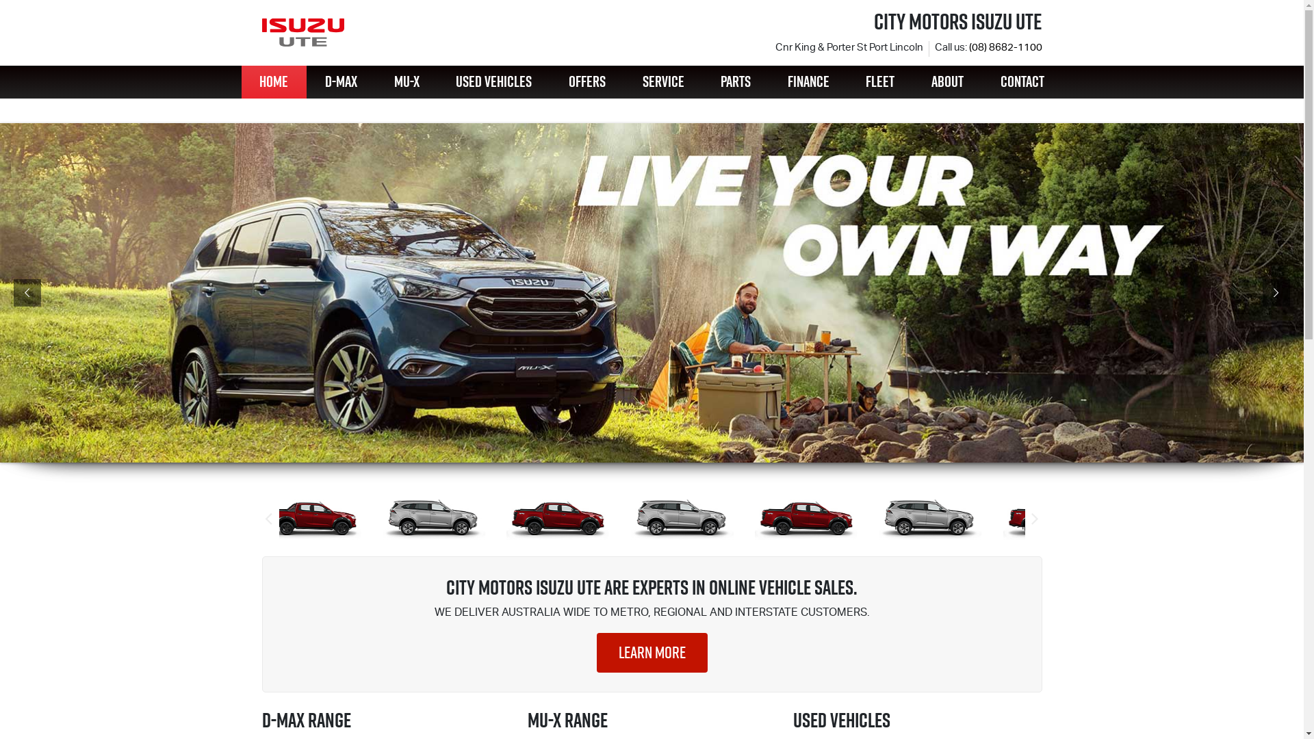 The height and width of the screenshot is (739, 1314). What do you see at coordinates (880, 81) in the screenshot?
I see `'FLEET'` at bounding box center [880, 81].